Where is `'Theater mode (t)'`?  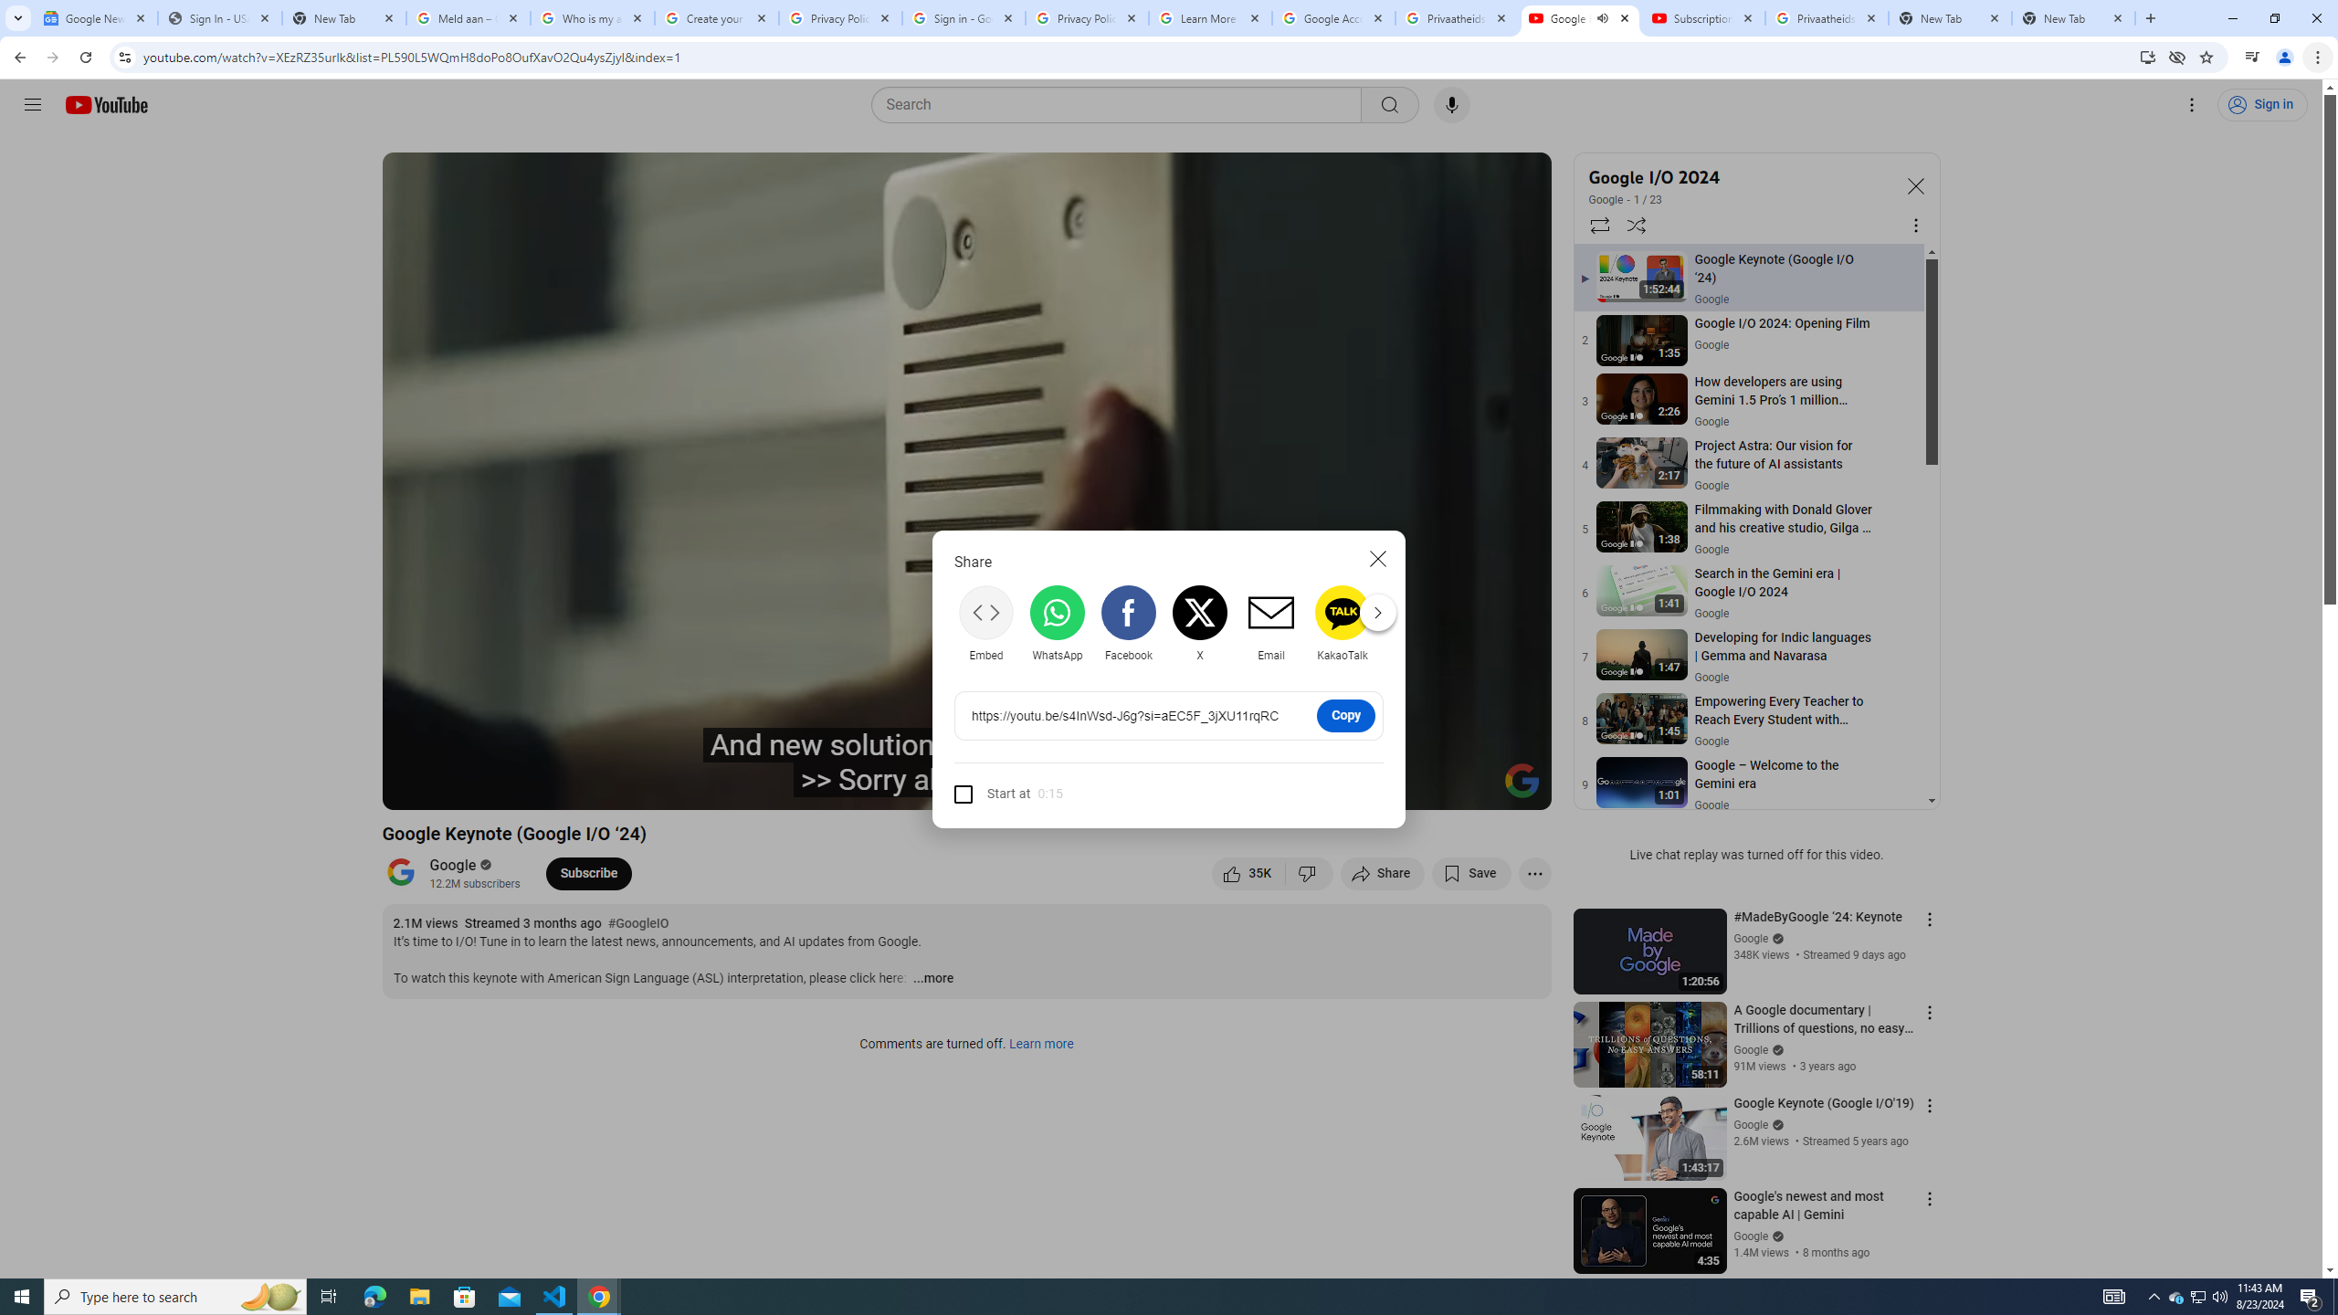 'Theater mode (t)' is located at coordinates (1474, 787).